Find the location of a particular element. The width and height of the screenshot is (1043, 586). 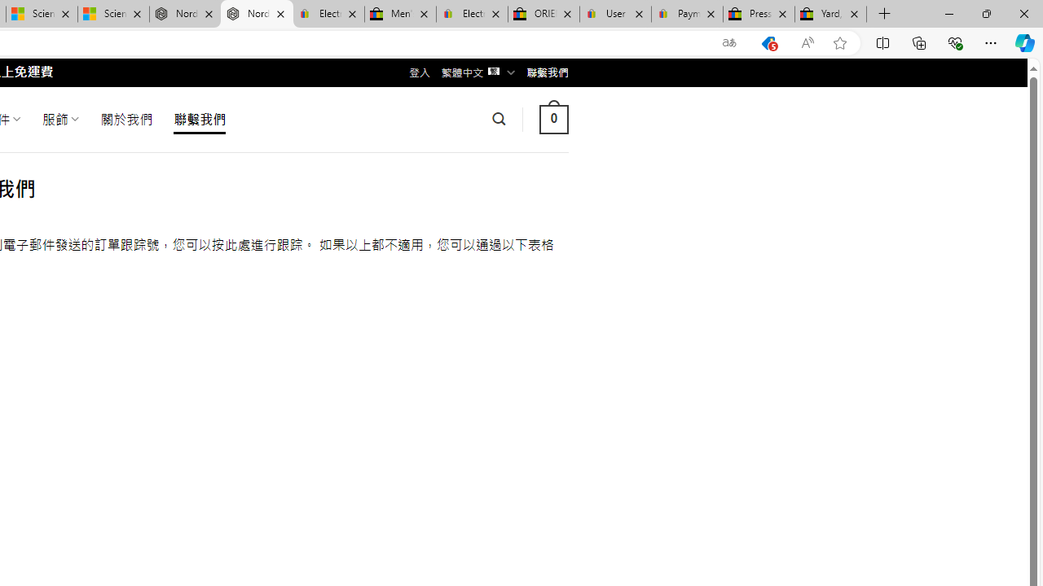

'  0  ' is located at coordinates (553, 118).